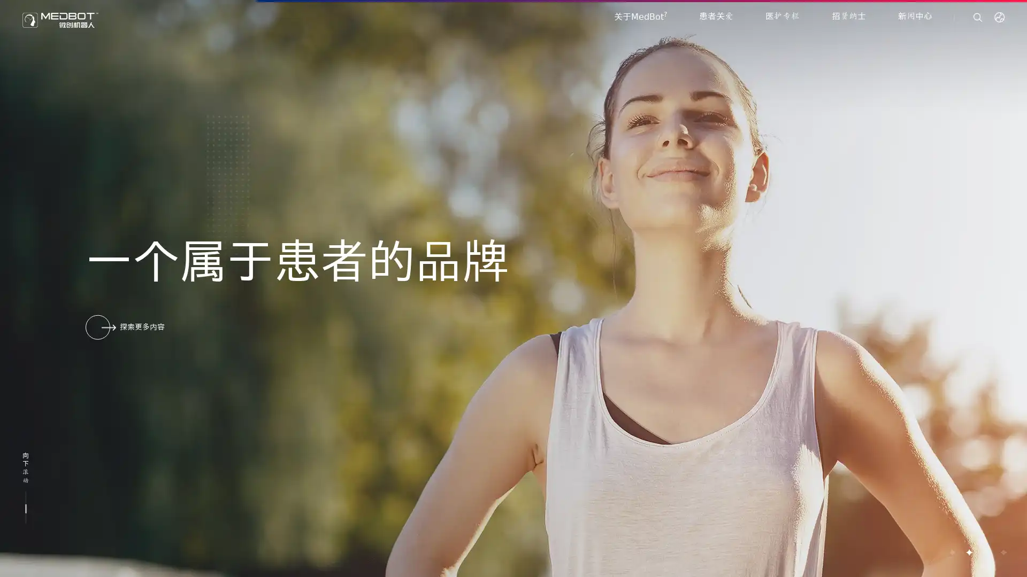 This screenshot has height=577, width=1027. Describe the element at coordinates (985, 552) in the screenshot. I see `Go to slide 3` at that location.